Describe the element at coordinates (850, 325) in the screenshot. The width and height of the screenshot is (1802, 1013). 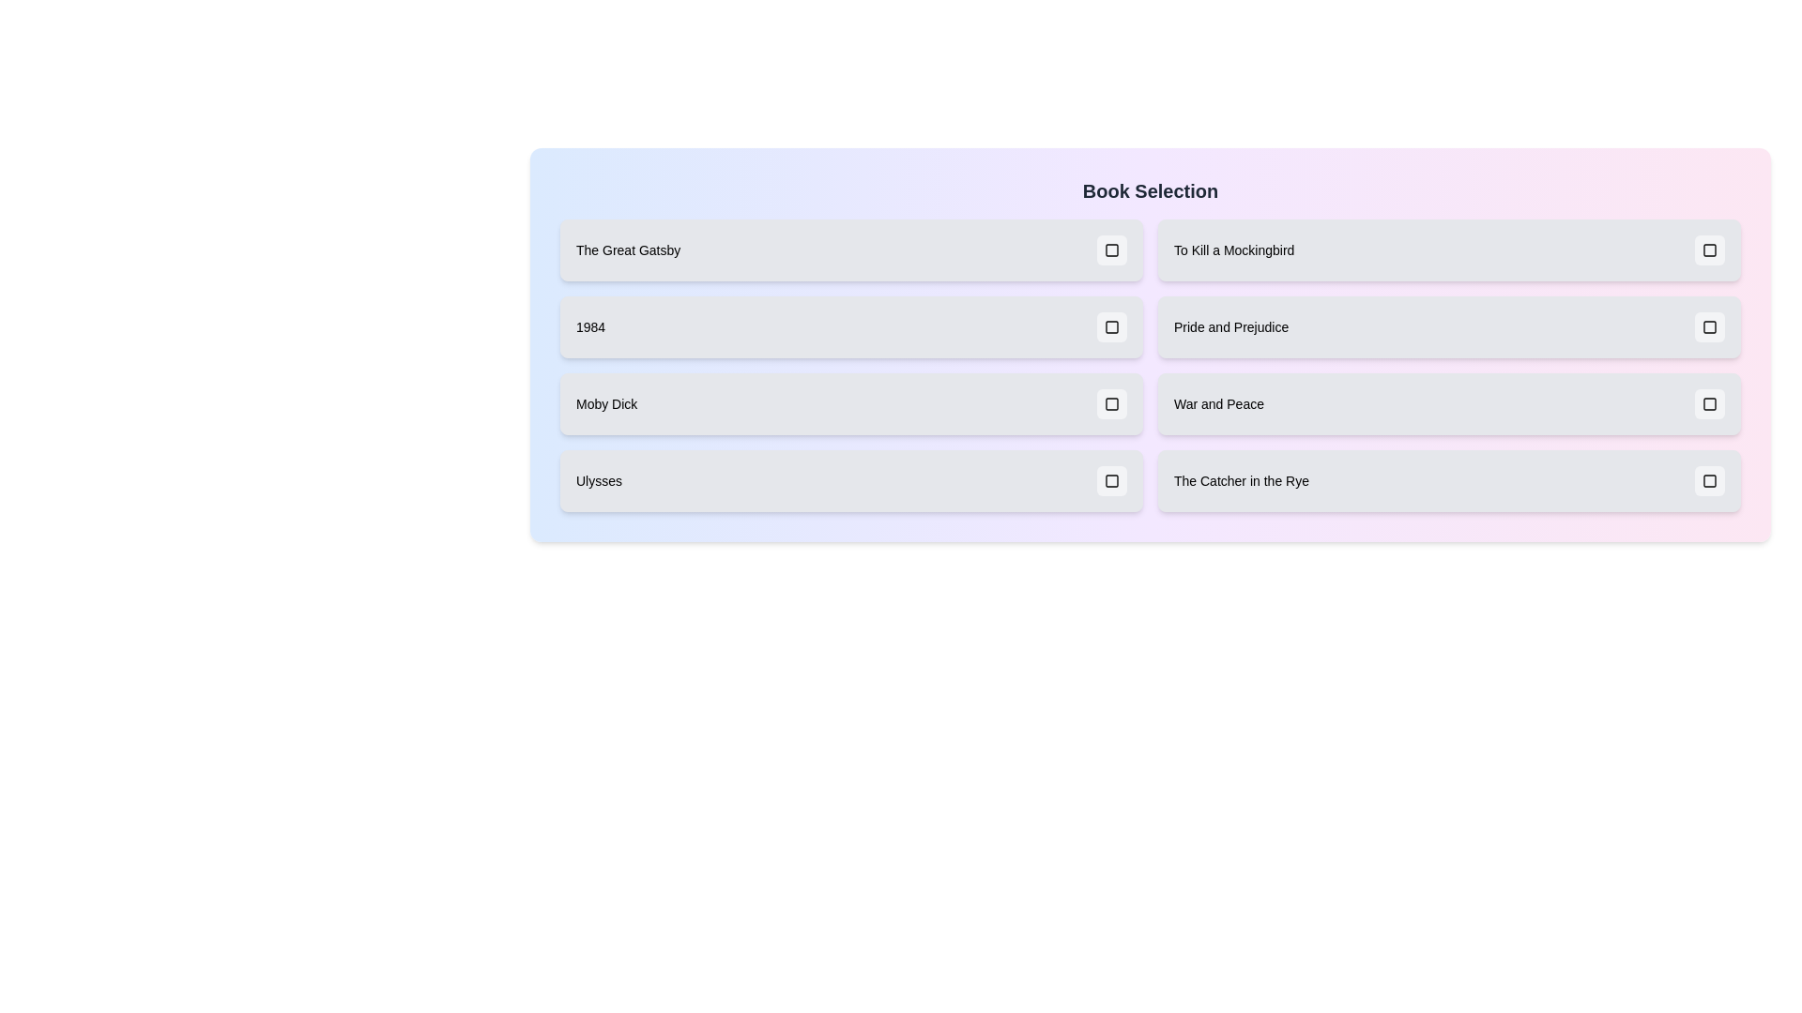
I see `the book item labeled '1984' to observe its visual transition` at that location.